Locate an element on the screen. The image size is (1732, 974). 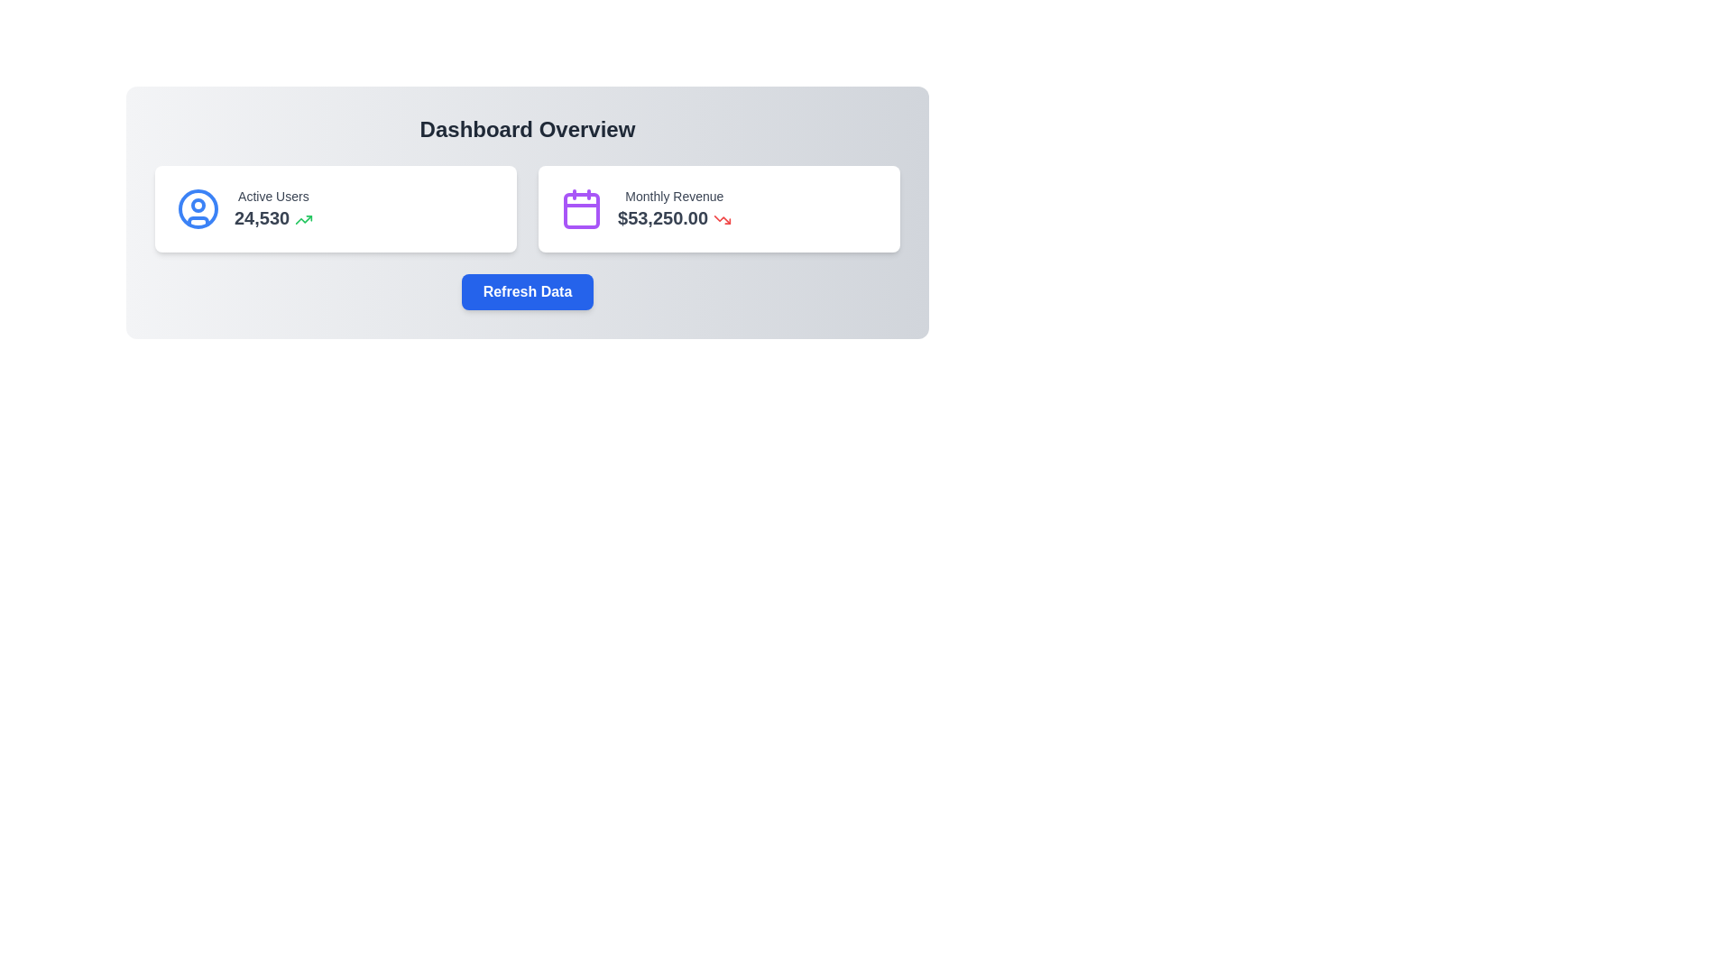
the circular SVG graphic component that represents the user avatar icon with a blue outline located in the 'Active Users' section of the dashboard is located at coordinates (198, 204).